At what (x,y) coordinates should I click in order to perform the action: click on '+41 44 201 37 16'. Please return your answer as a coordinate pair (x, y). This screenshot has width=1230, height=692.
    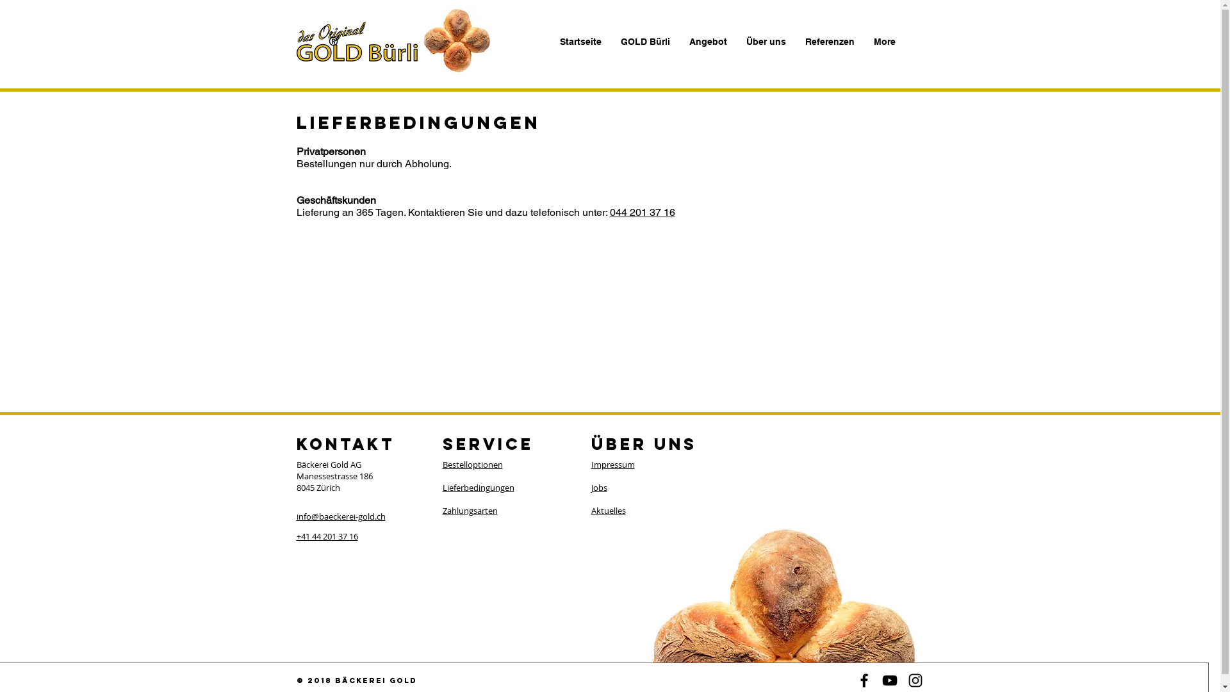
    Looking at the image, I should click on (326, 536).